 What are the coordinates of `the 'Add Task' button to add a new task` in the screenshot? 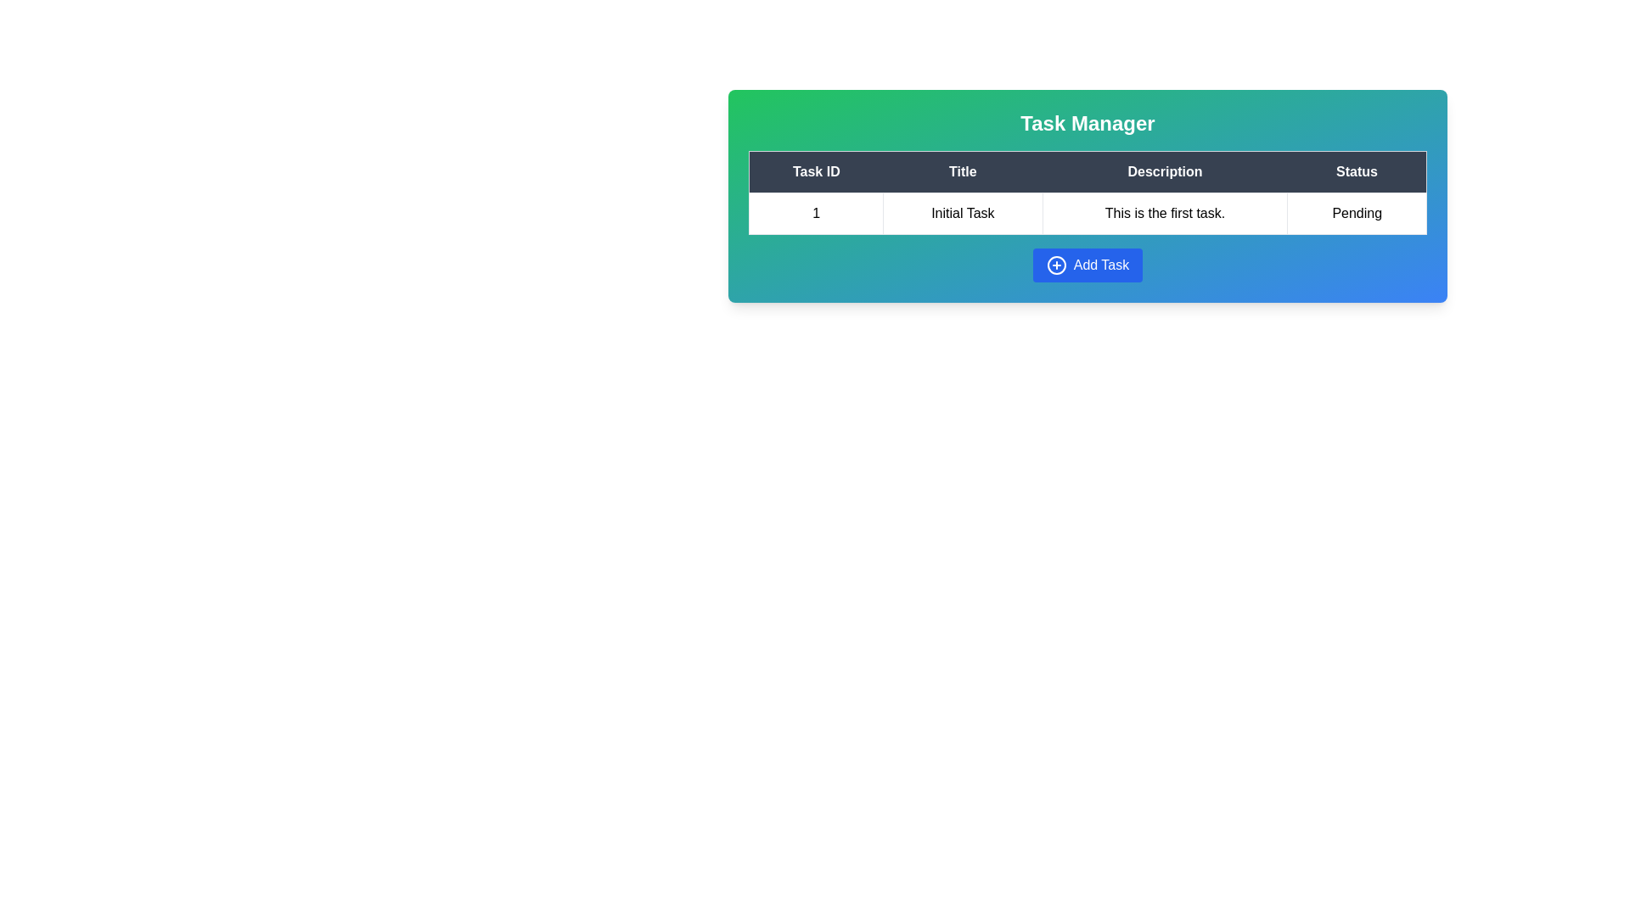 It's located at (1088, 265).